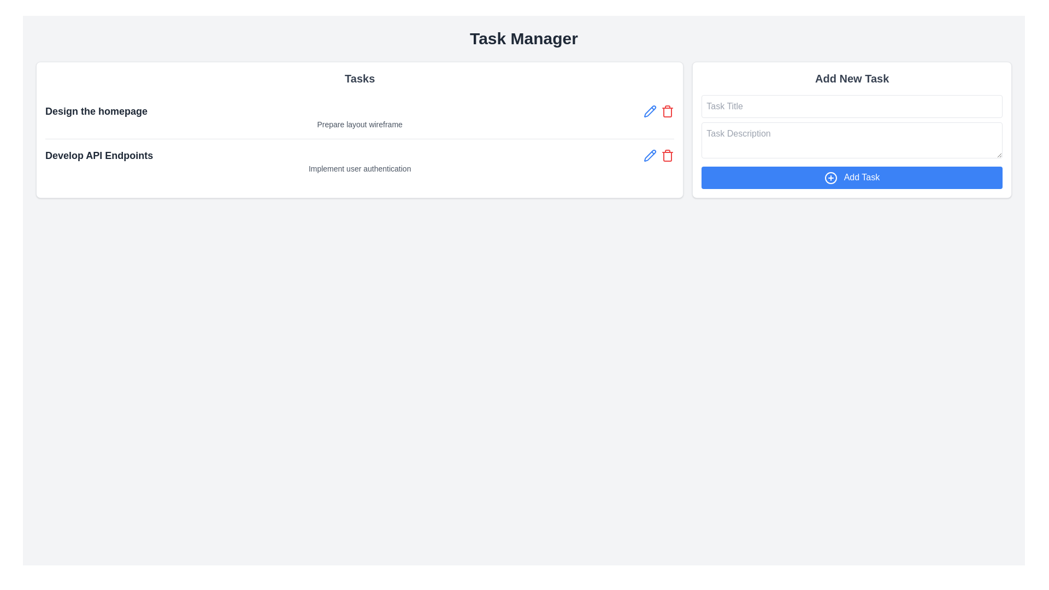 Image resolution: width=1049 pixels, height=590 pixels. I want to click on the edit icon button located to the left of the red trash can icon in the list entry labeled 'Develop API Endpoints', so click(650, 156).